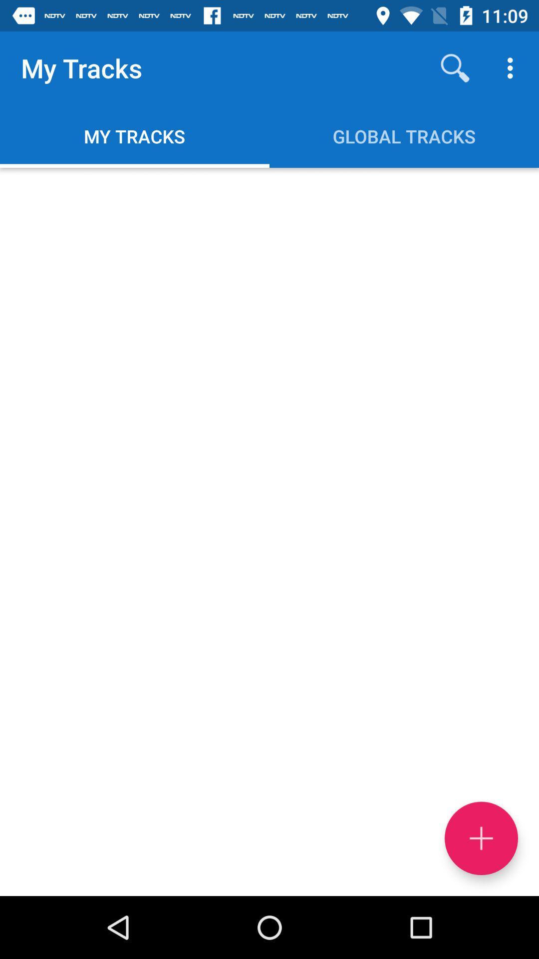  What do you see at coordinates (455, 67) in the screenshot?
I see `item next to my tracks icon` at bounding box center [455, 67].